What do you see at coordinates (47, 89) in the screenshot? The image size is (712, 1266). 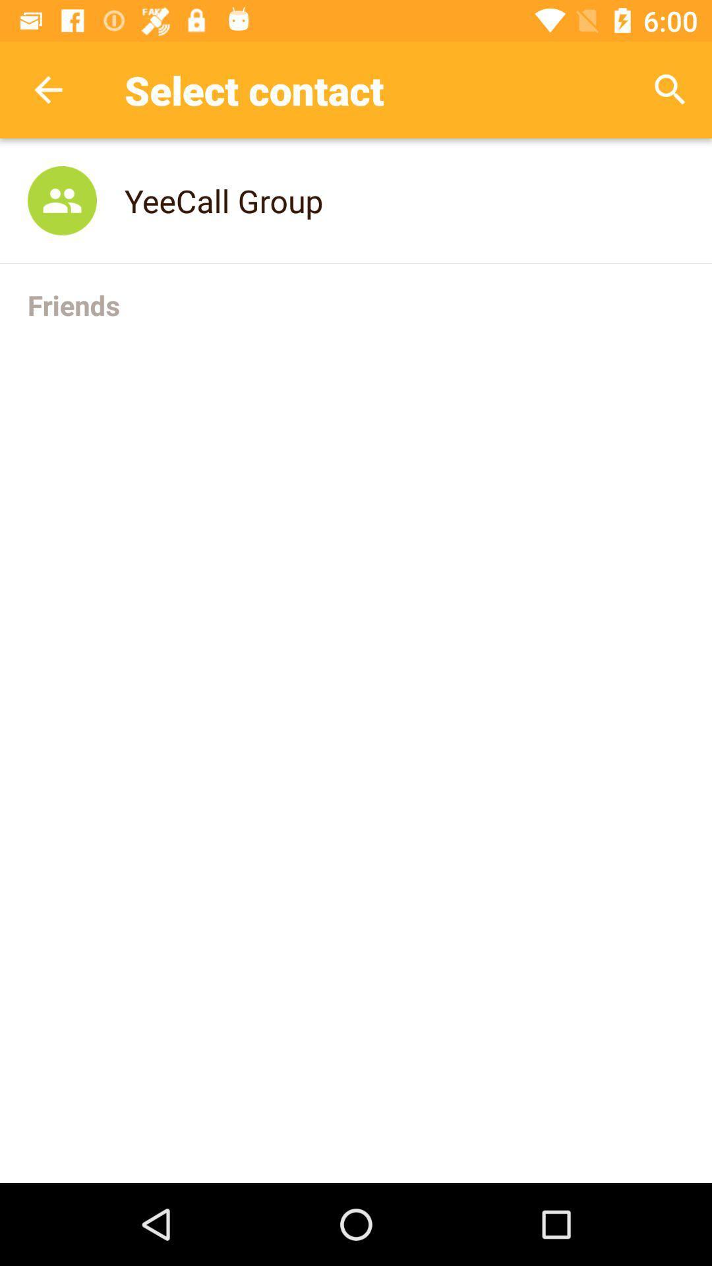 I see `item next to select contact app` at bounding box center [47, 89].